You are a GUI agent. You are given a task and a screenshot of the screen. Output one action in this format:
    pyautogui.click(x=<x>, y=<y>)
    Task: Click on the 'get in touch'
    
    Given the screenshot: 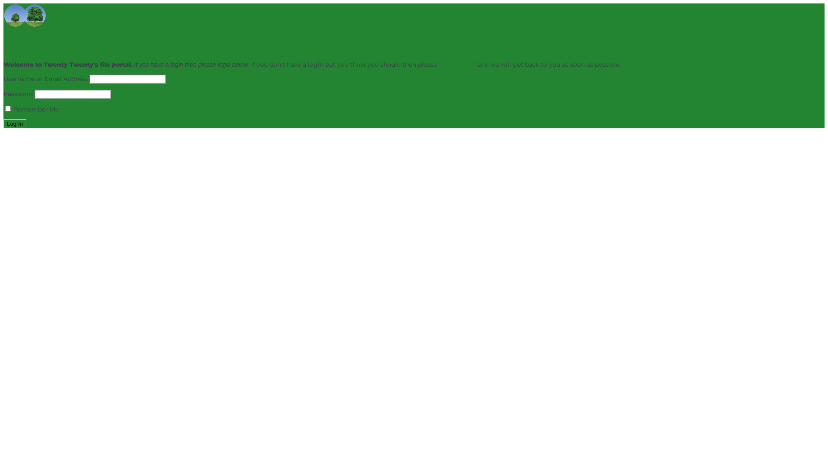 What is the action you would take?
    pyautogui.click(x=457, y=64)
    